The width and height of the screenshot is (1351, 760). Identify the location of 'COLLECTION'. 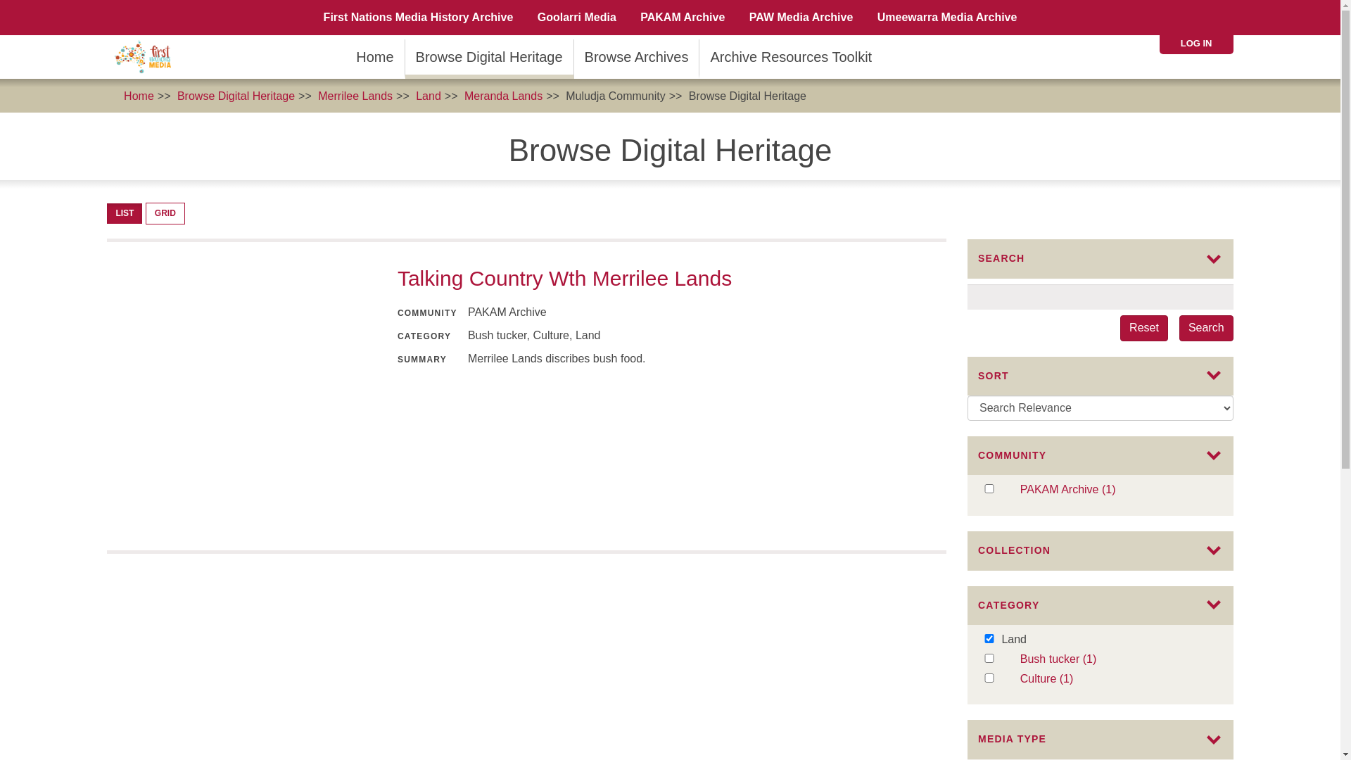
(1100, 550).